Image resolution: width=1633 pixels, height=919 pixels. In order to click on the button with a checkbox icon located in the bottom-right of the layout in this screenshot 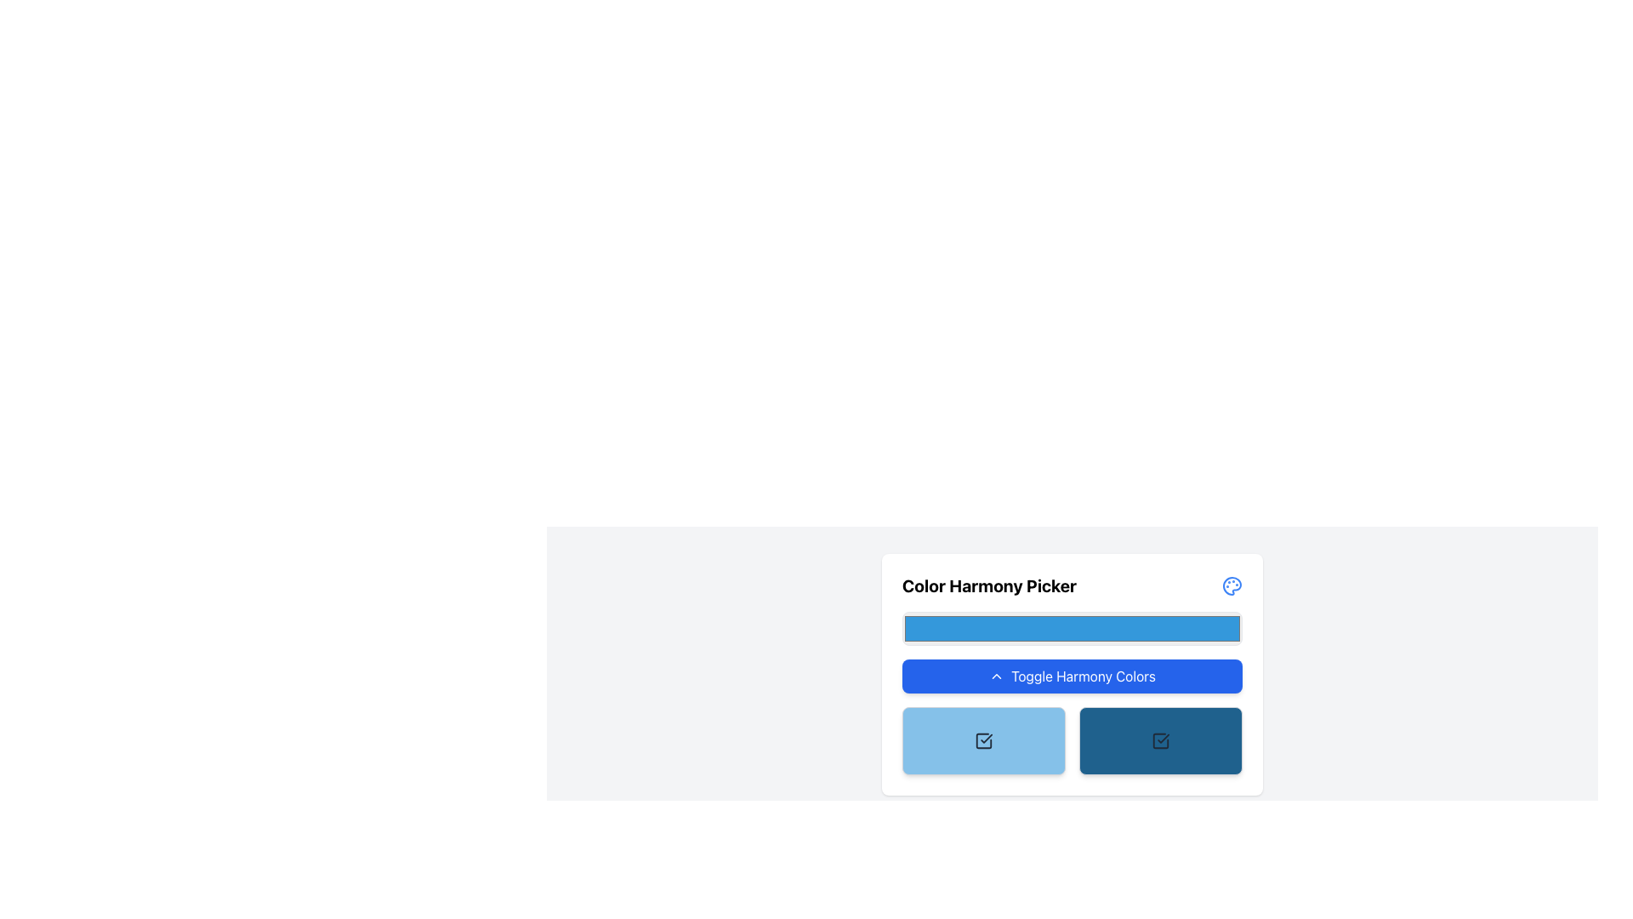, I will do `click(1159, 740)`.